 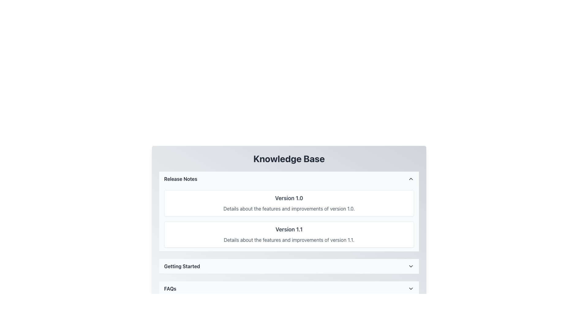 What do you see at coordinates (411, 266) in the screenshot?
I see `the chevron icon located on the rightmost side of the 'Getting Started' section` at bounding box center [411, 266].